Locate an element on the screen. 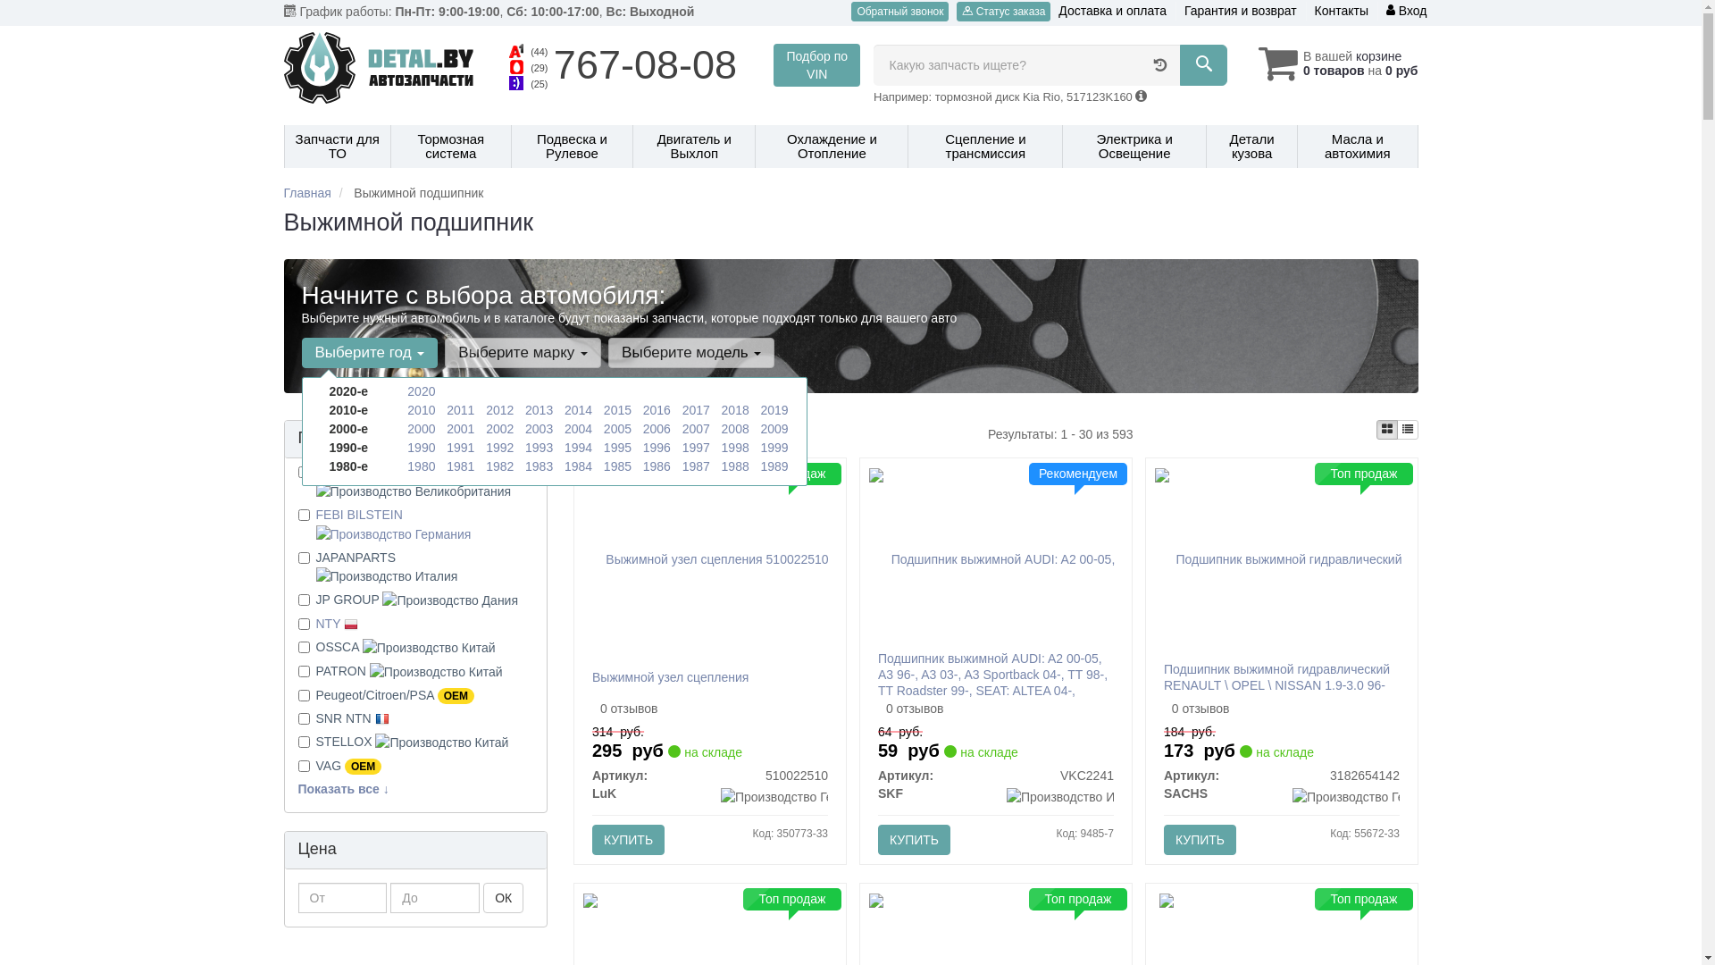 The image size is (1715, 965). '1981' is located at coordinates (460, 465).